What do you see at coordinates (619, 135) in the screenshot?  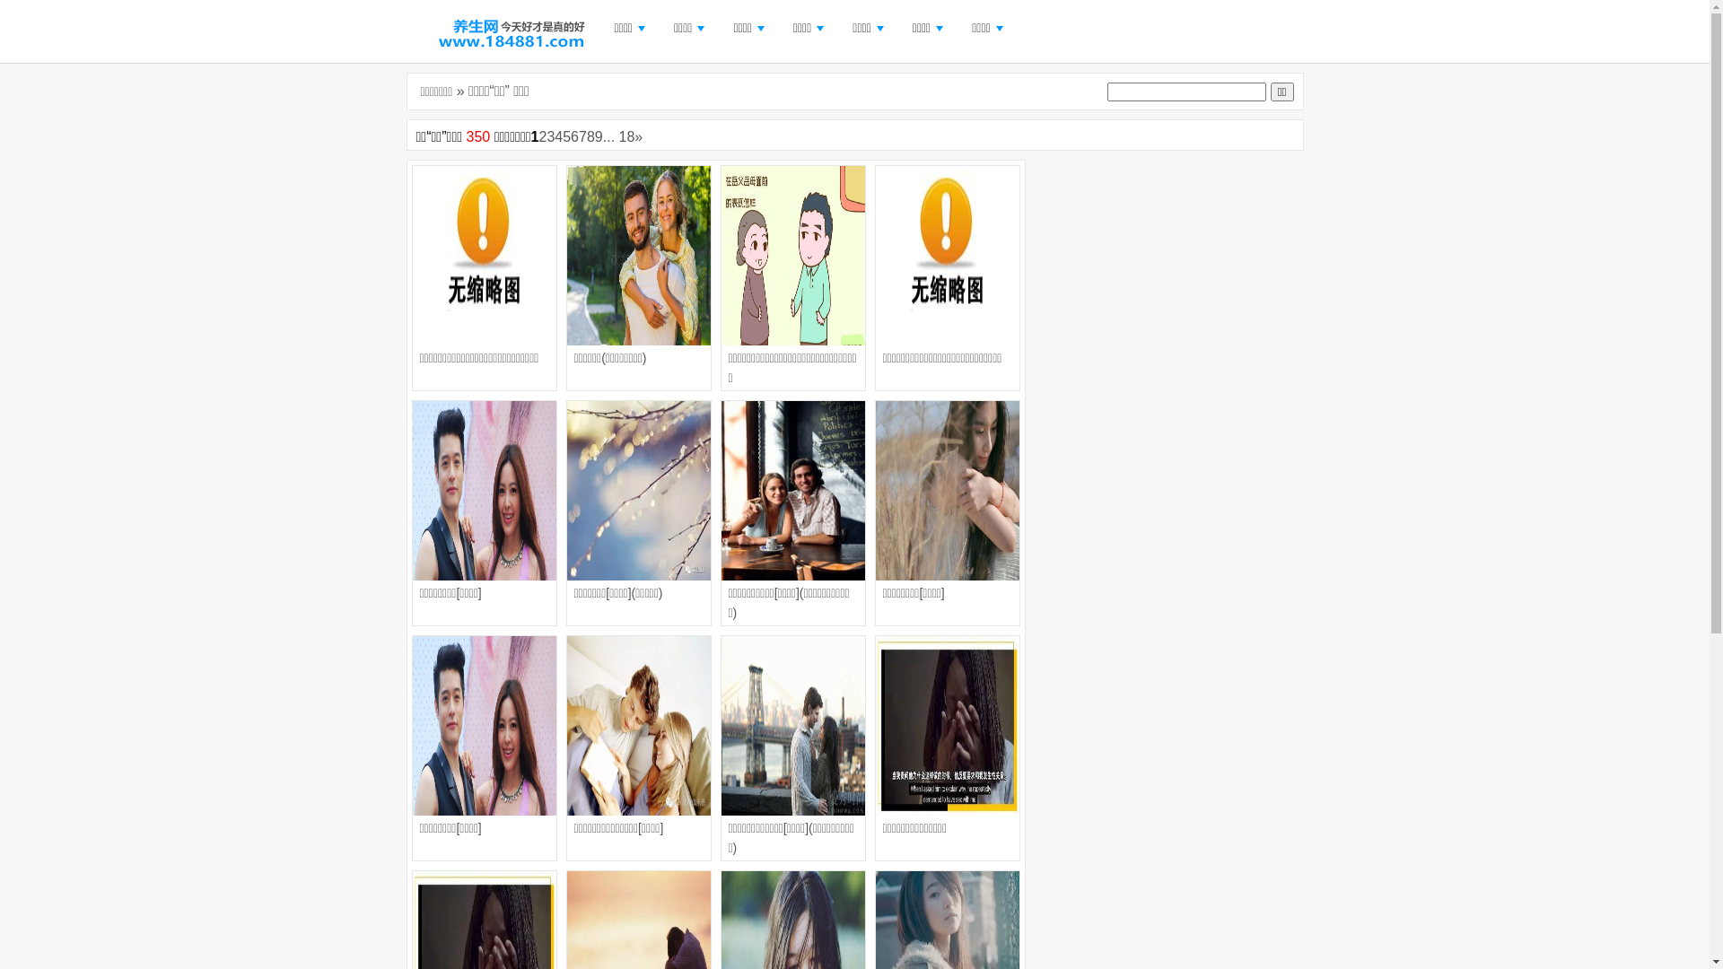 I see `'... 18'` at bounding box center [619, 135].